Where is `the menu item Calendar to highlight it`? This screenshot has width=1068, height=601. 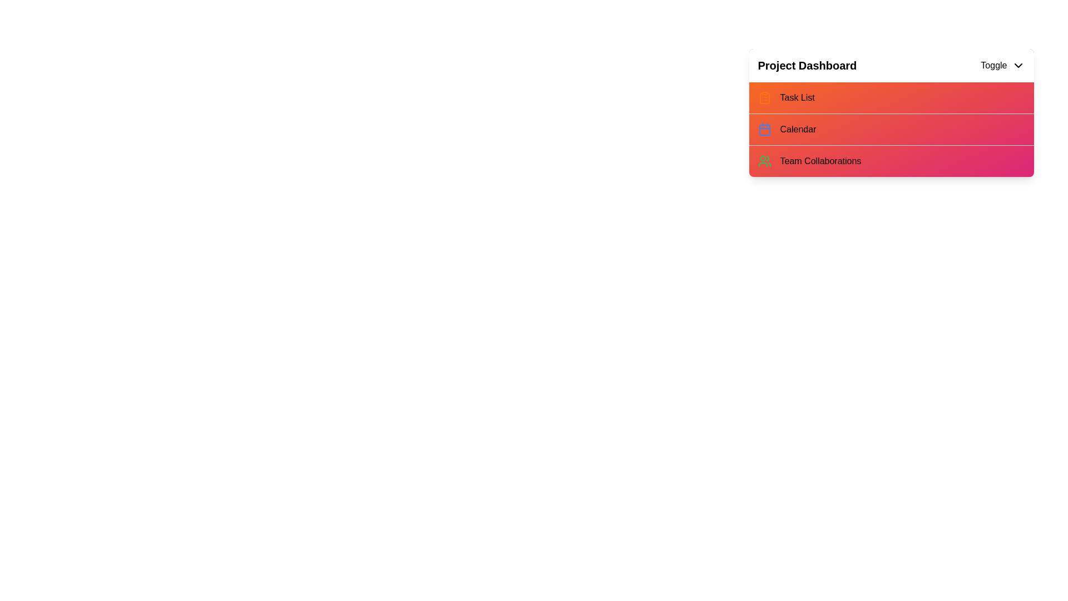
the menu item Calendar to highlight it is located at coordinates (779, 129).